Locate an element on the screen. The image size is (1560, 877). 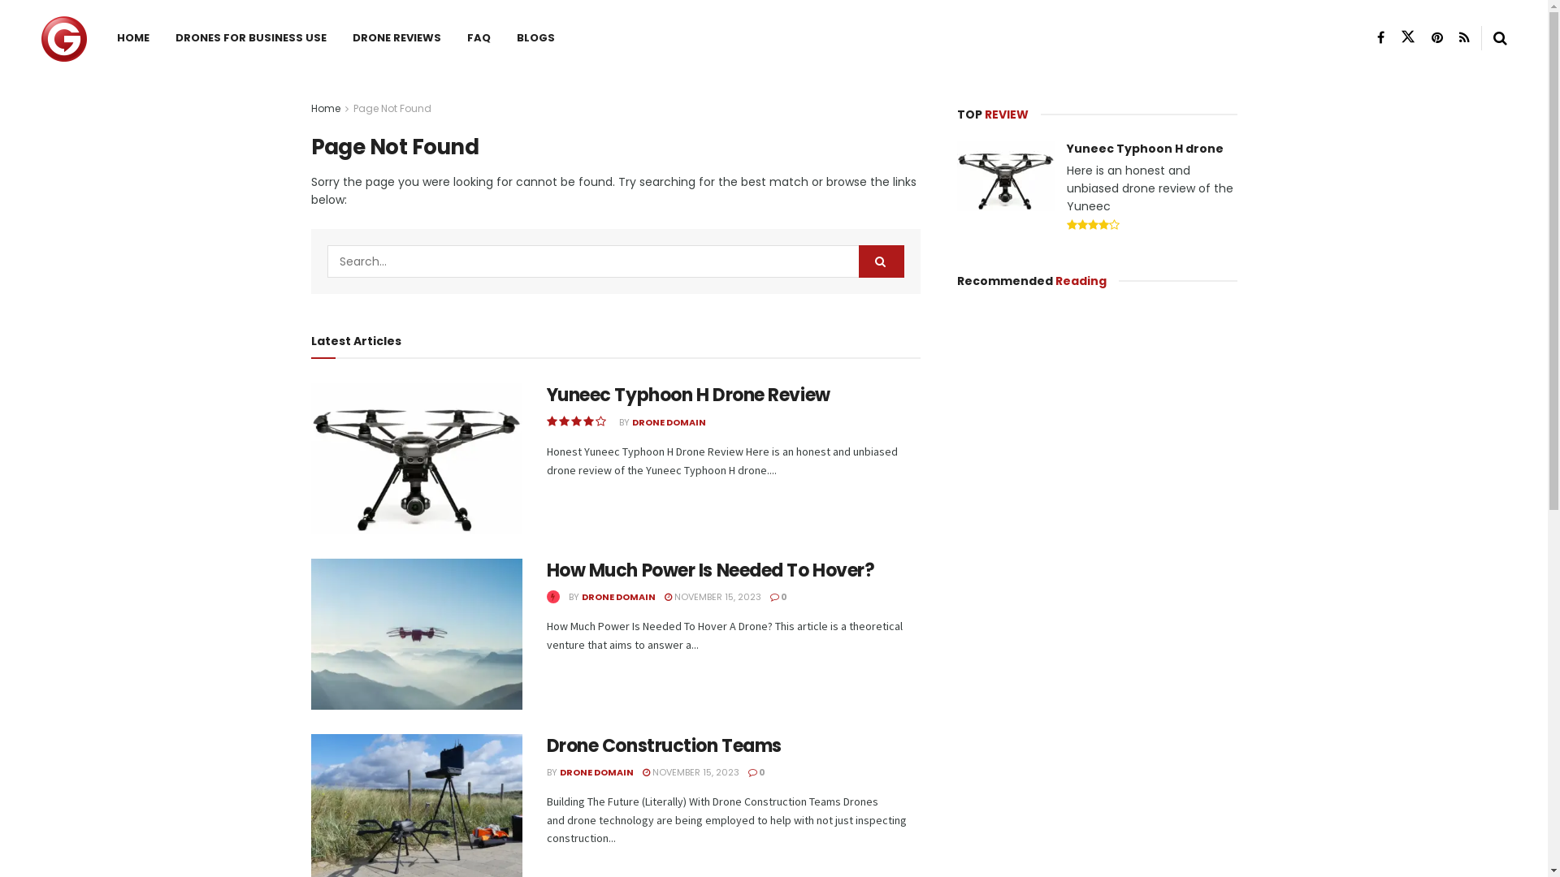
'FAQ' is located at coordinates (453, 37).